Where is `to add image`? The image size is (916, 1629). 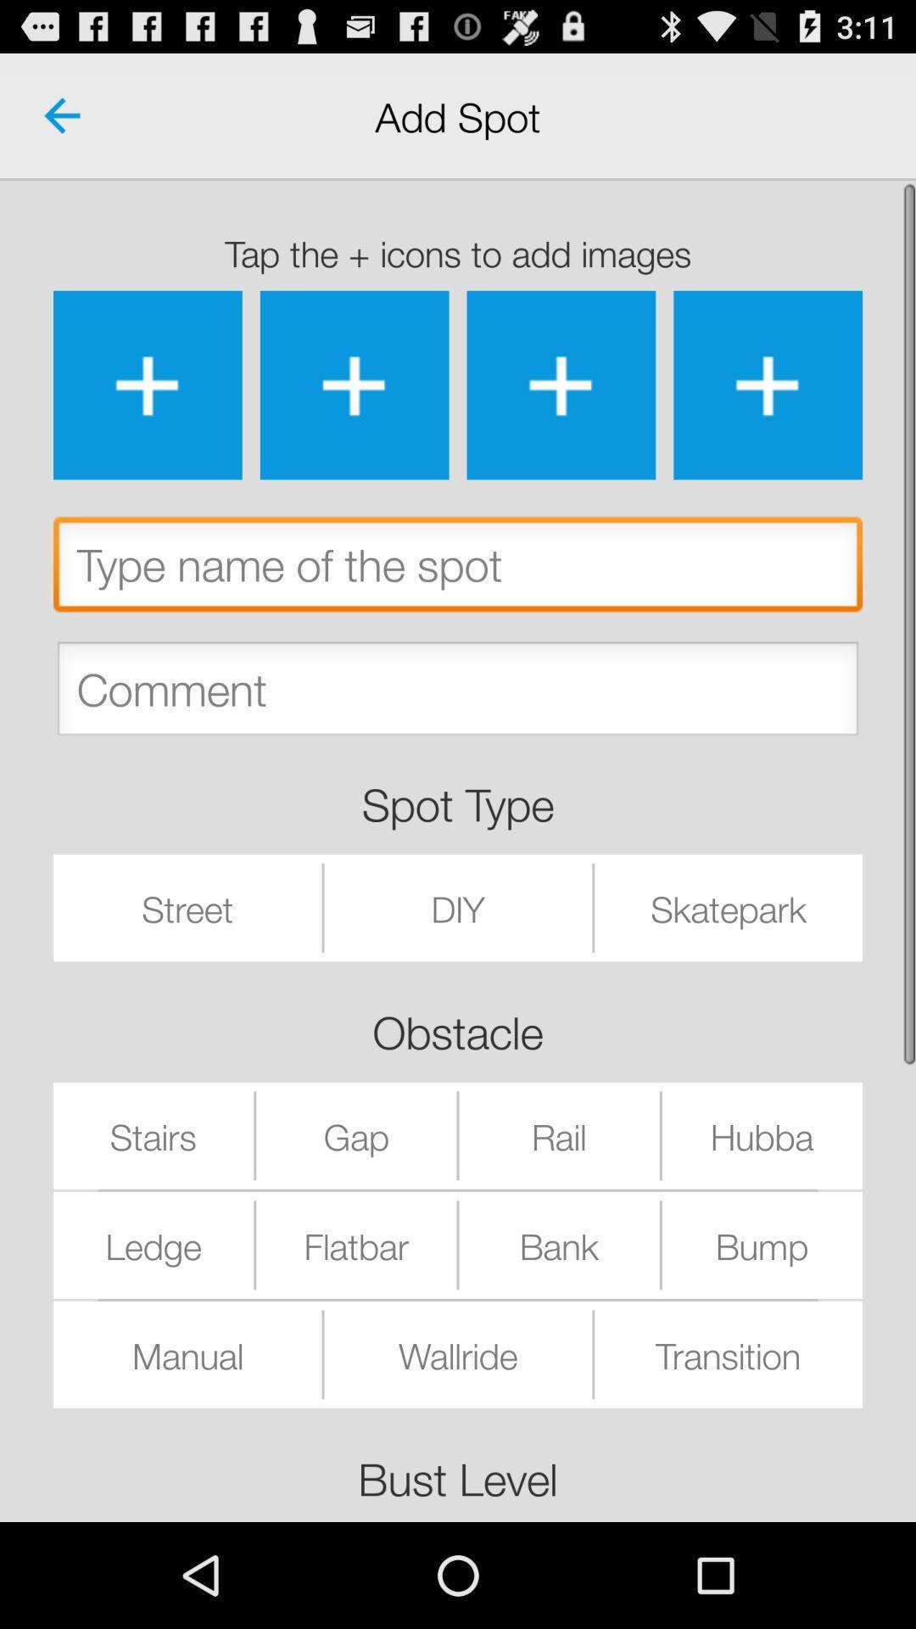 to add image is located at coordinates (561, 384).